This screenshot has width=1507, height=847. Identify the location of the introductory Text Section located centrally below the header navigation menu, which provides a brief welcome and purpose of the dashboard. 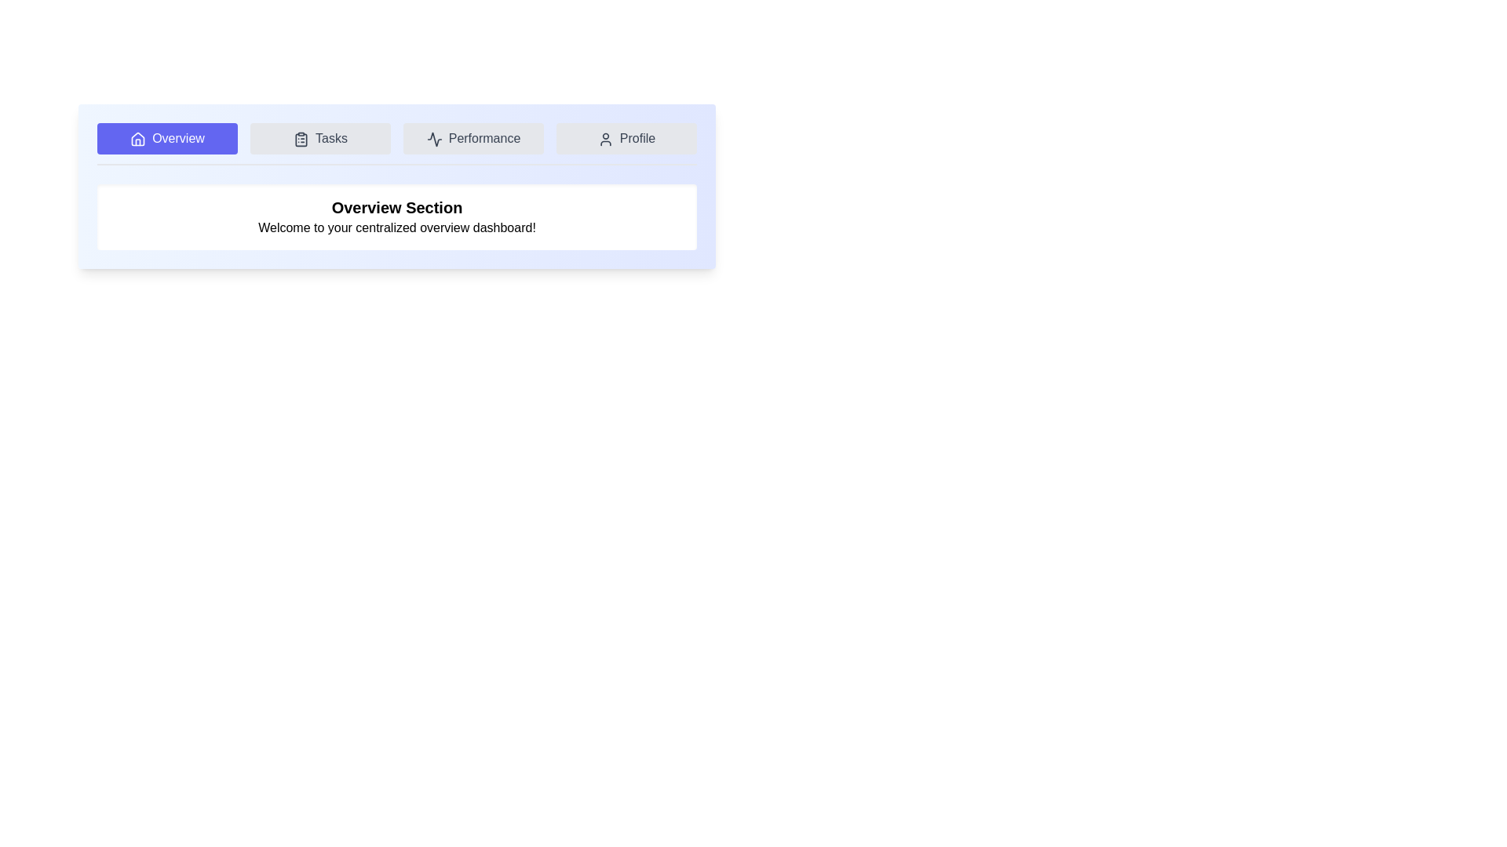
(396, 217).